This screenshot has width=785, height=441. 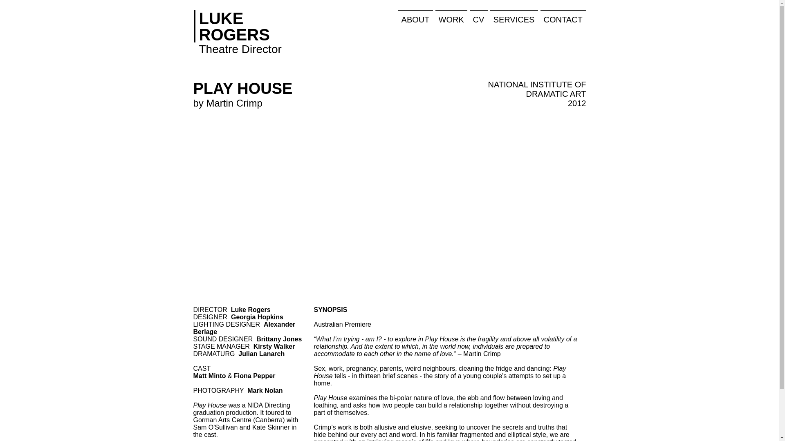 What do you see at coordinates (469, 16) in the screenshot?
I see `'CV'` at bounding box center [469, 16].